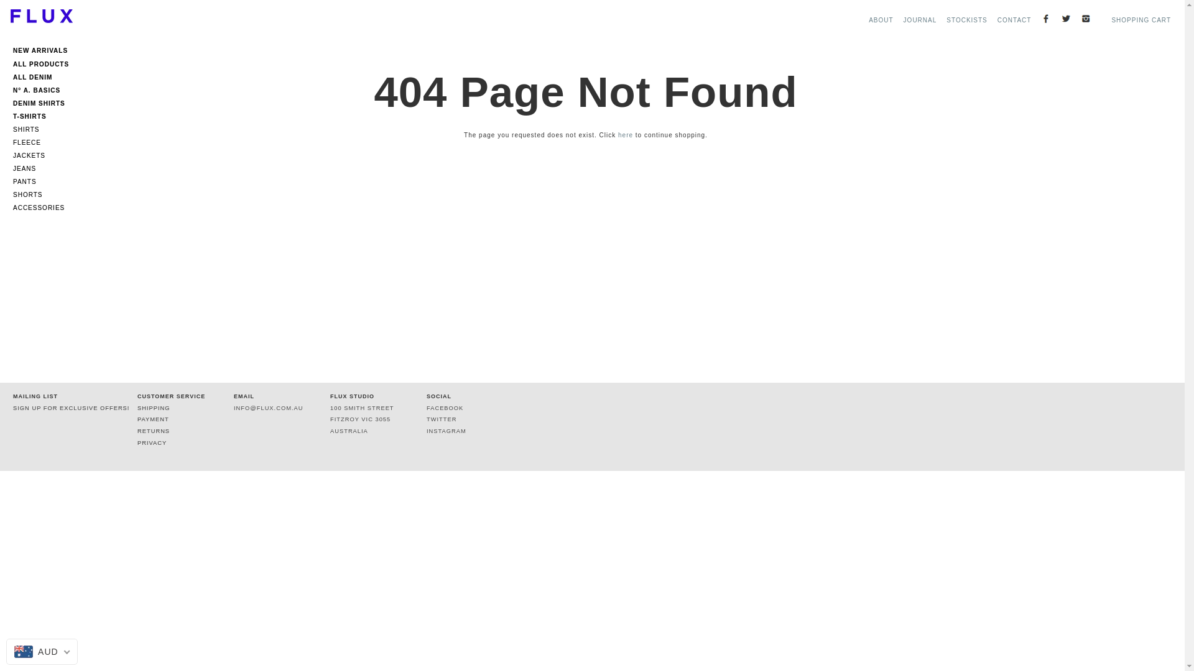 Image resolution: width=1194 pixels, height=671 pixels. What do you see at coordinates (70, 408) in the screenshot?
I see `'SIGN UP FOR EXCLUSIVE OFFERS!'` at bounding box center [70, 408].